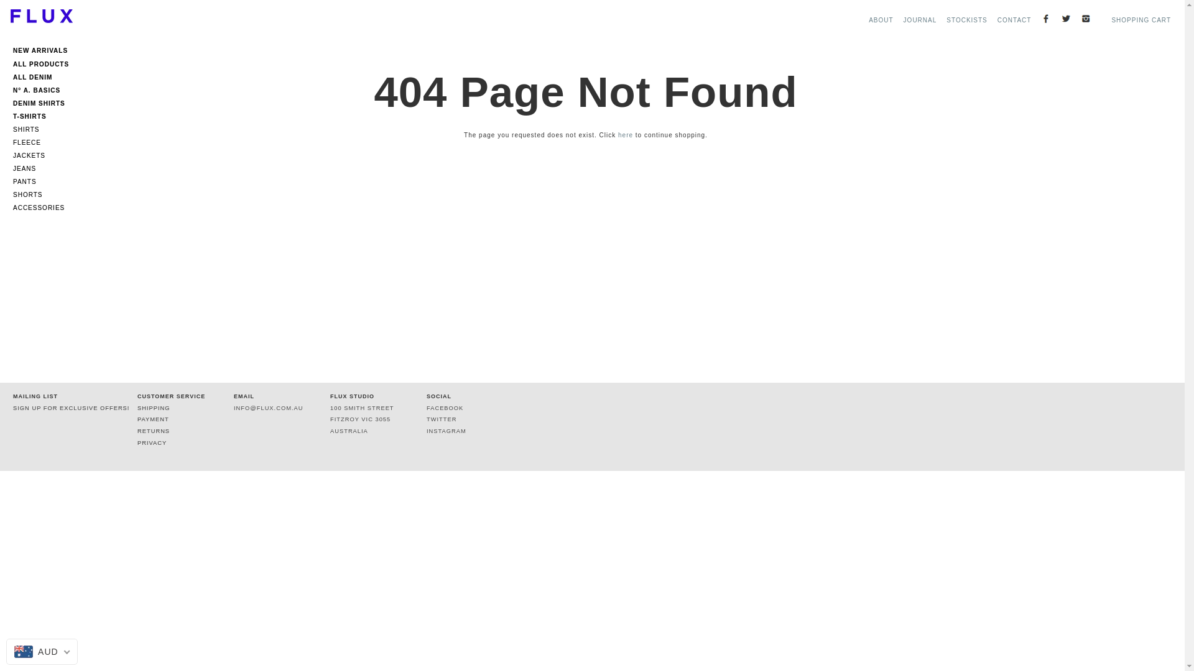 Image resolution: width=1194 pixels, height=671 pixels. What do you see at coordinates (70, 408) in the screenshot?
I see `'SIGN UP FOR EXCLUSIVE OFFERS!'` at bounding box center [70, 408].